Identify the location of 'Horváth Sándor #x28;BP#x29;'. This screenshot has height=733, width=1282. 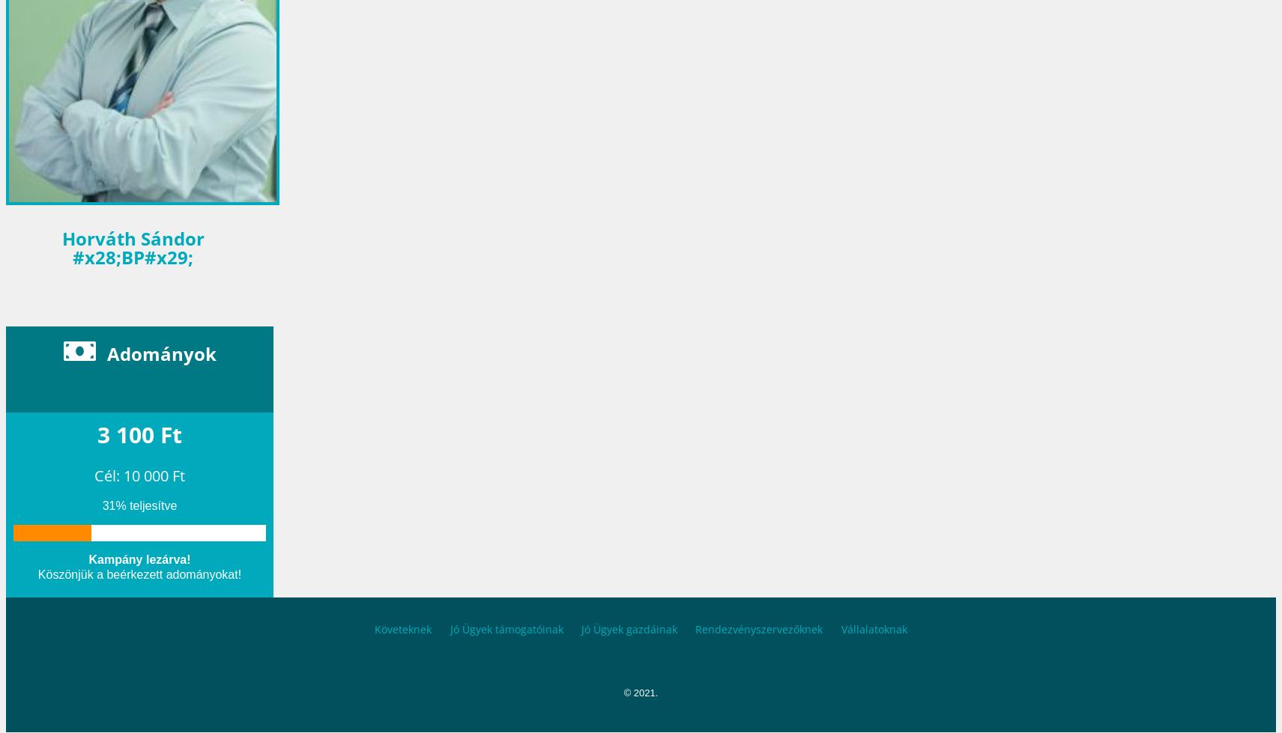
(131, 247).